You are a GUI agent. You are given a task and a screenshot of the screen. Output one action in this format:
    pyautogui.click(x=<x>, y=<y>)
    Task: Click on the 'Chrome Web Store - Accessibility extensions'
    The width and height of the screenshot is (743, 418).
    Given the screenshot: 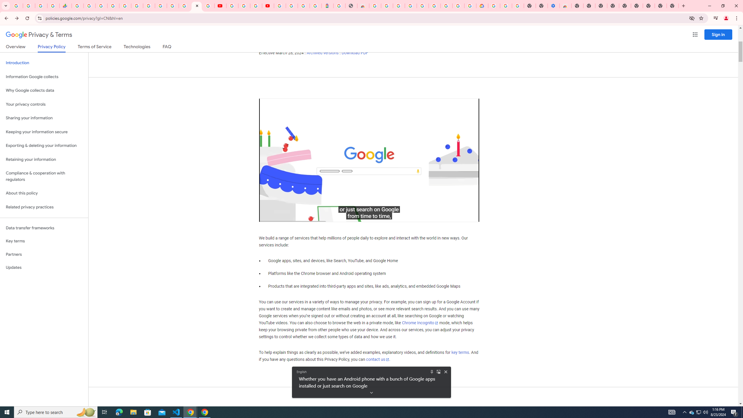 What is the action you would take?
    pyautogui.click(x=565, y=6)
    